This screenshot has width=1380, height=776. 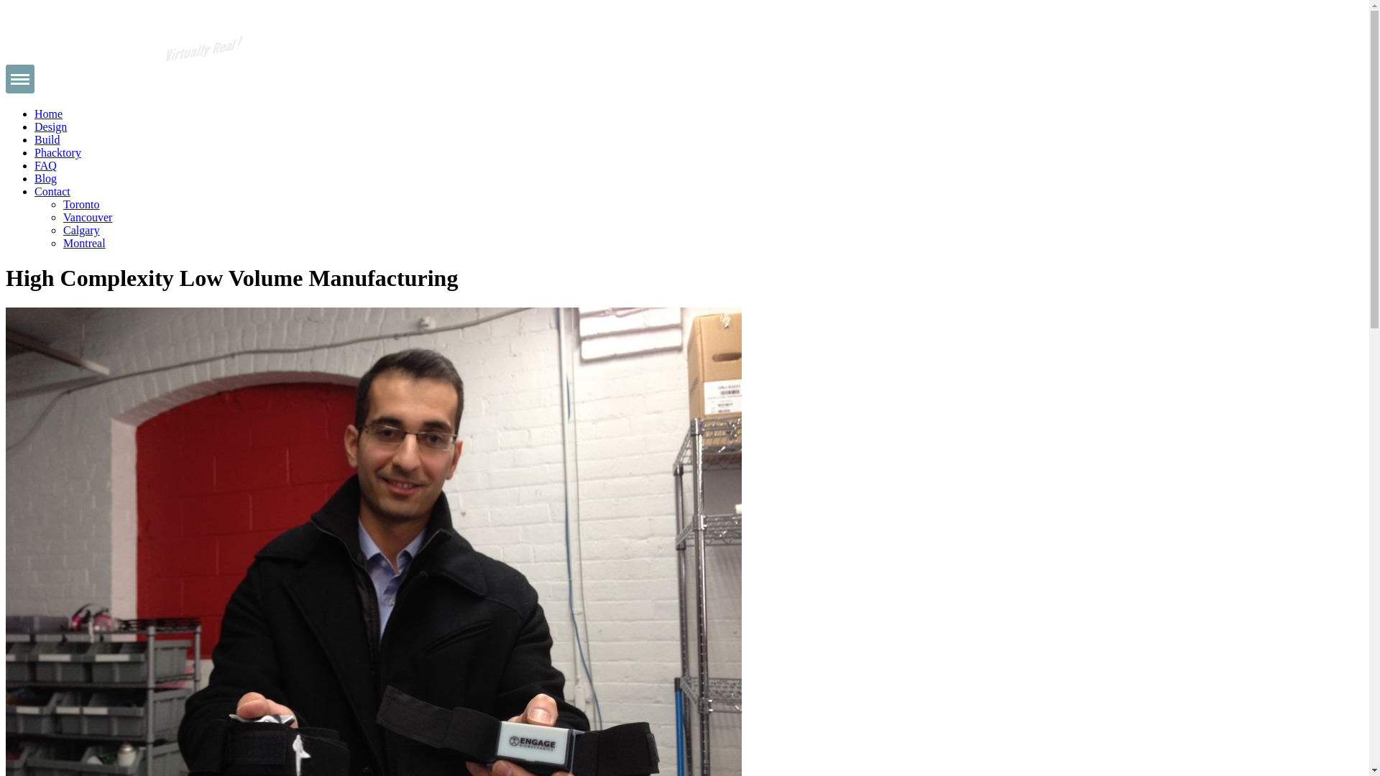 What do you see at coordinates (83, 242) in the screenshot?
I see `'Montreal'` at bounding box center [83, 242].